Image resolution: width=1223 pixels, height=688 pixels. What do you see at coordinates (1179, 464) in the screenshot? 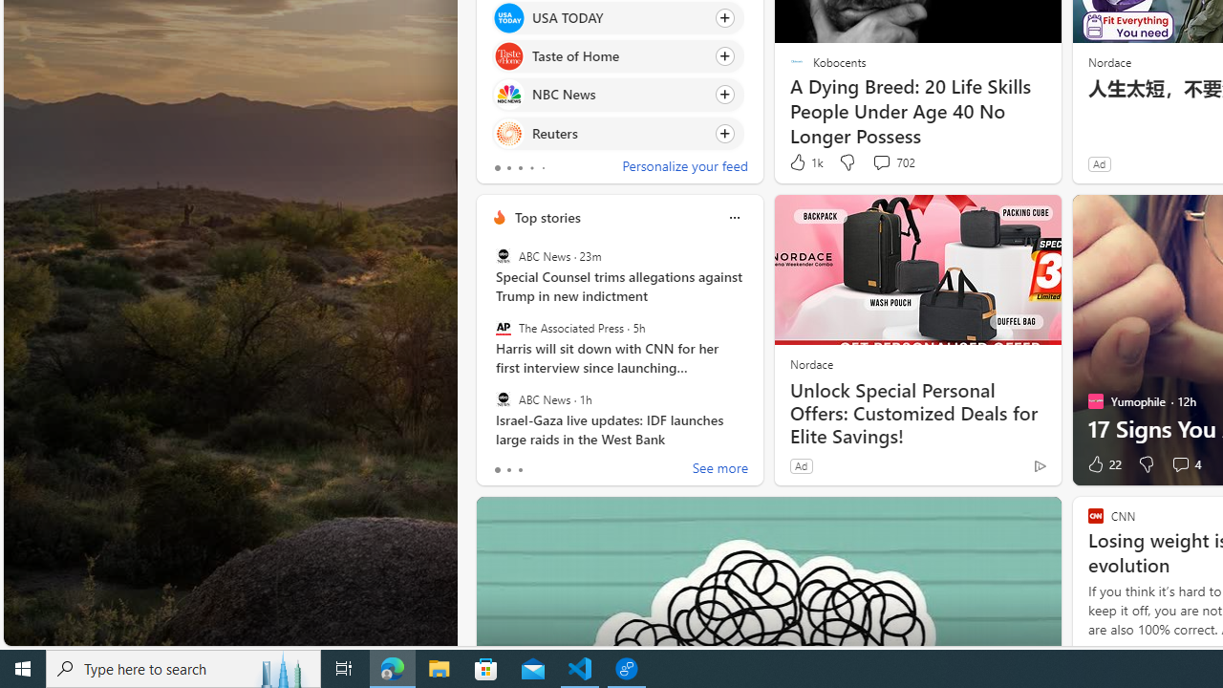
I see `'View comments 4 Comment'` at bounding box center [1179, 464].